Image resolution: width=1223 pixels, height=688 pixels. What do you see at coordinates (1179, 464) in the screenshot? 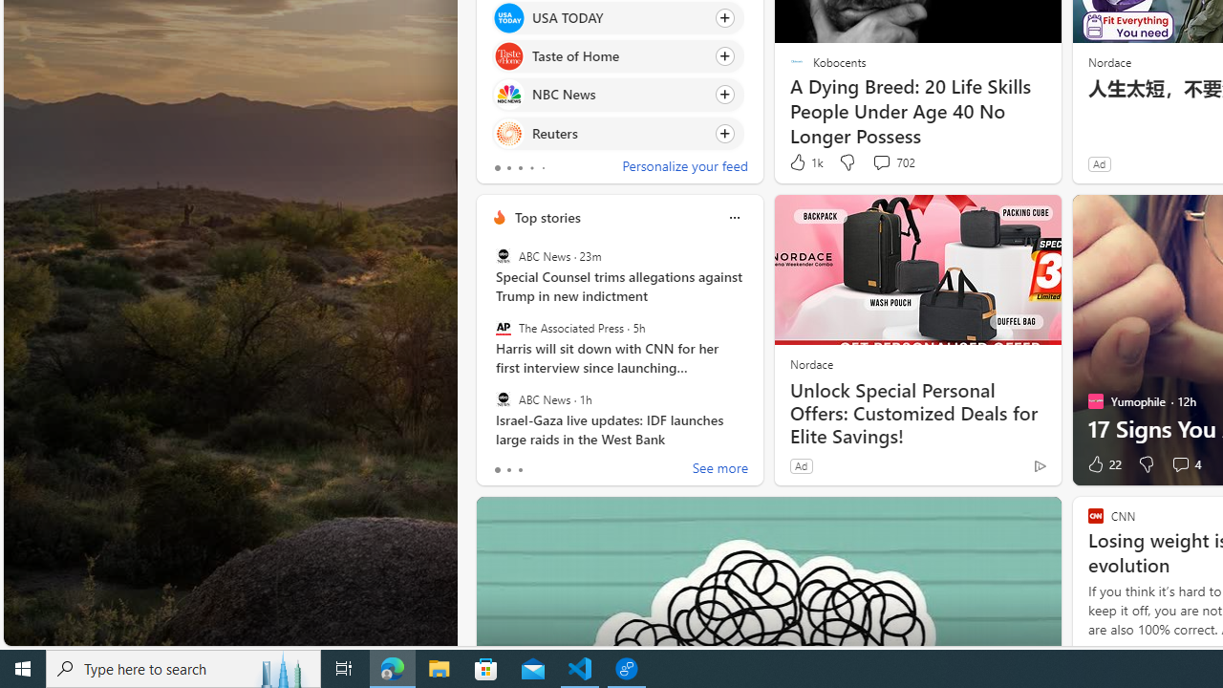
I see `'View comments 4 Comment'` at bounding box center [1179, 464].